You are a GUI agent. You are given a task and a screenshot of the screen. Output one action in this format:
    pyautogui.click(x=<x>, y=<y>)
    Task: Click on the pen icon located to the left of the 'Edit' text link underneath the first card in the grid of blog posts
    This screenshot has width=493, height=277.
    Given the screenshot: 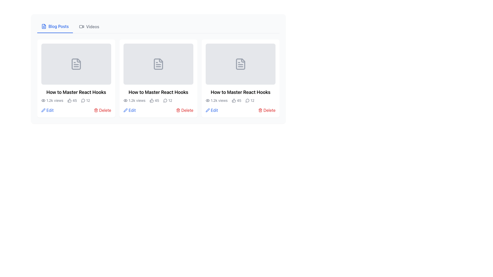 What is the action you would take?
    pyautogui.click(x=43, y=110)
    